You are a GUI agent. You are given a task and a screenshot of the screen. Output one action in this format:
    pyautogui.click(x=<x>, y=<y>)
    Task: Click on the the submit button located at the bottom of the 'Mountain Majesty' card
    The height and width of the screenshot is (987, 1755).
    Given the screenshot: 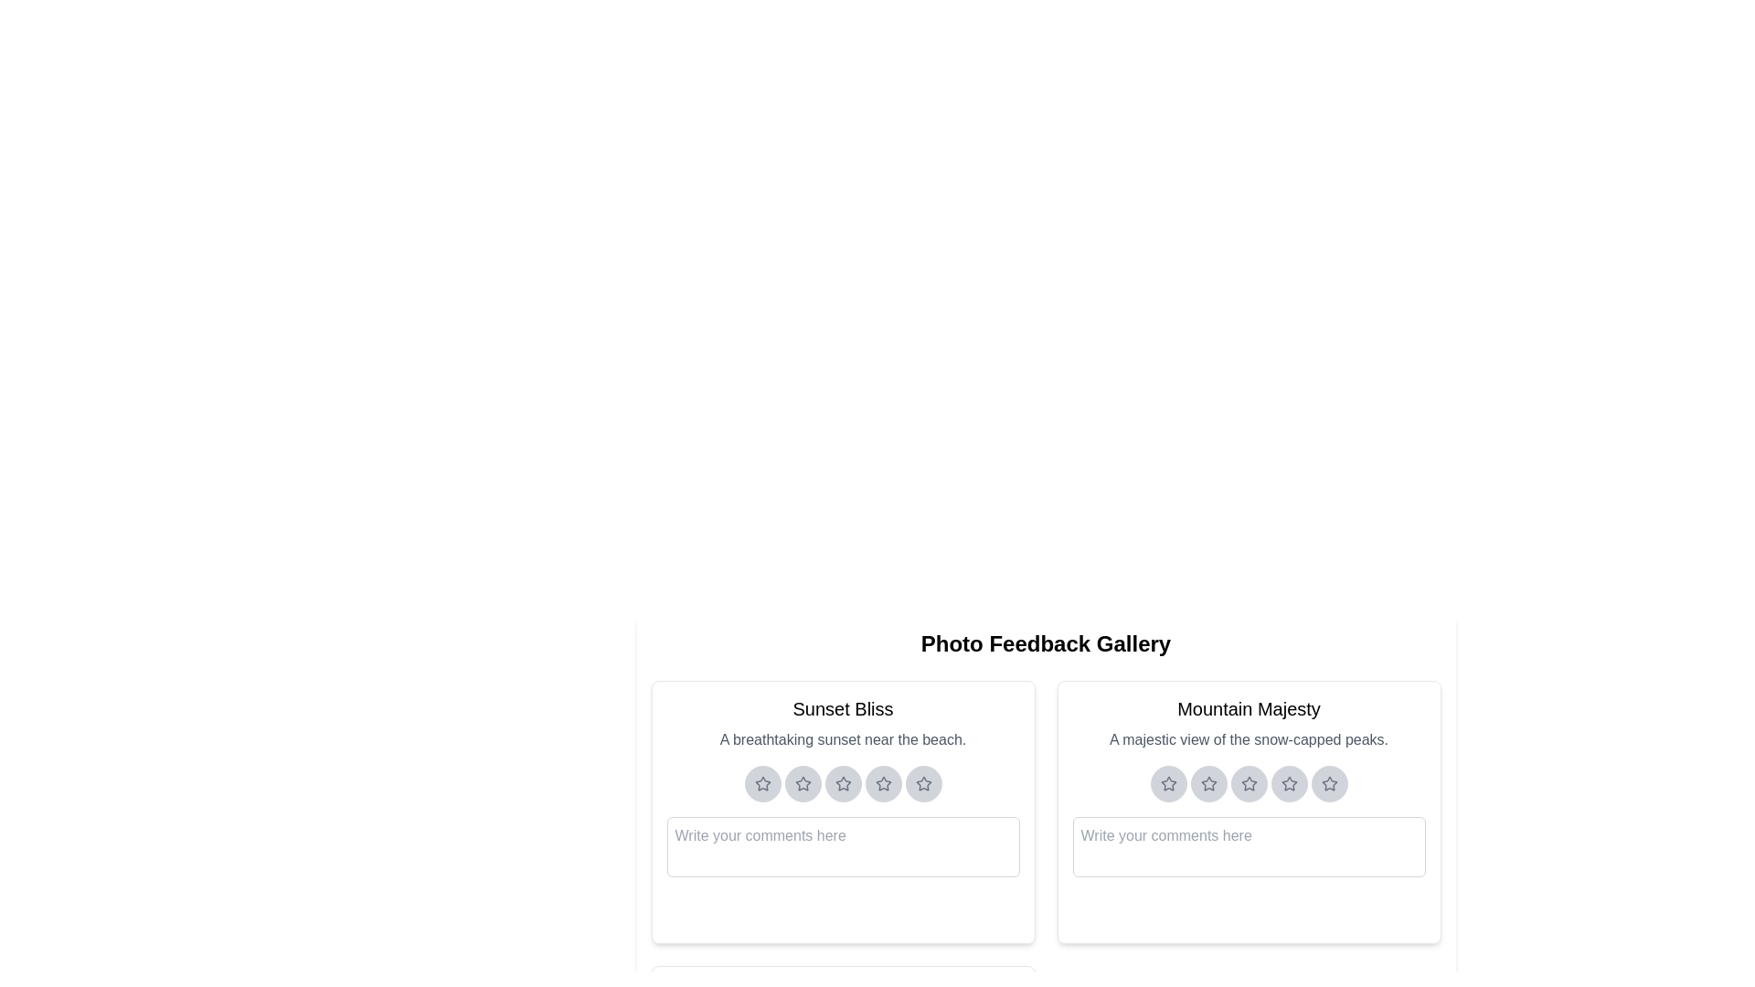 What is the action you would take?
    pyautogui.click(x=1248, y=909)
    